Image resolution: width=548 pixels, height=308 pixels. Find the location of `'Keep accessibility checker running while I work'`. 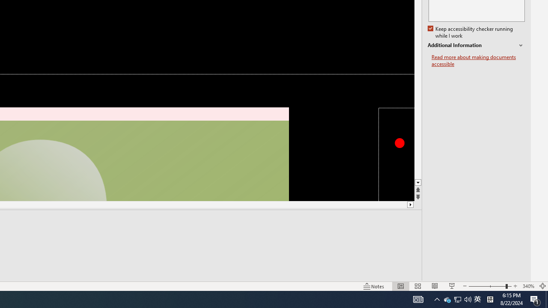

'Keep accessibility checker running while I work' is located at coordinates (471, 32).